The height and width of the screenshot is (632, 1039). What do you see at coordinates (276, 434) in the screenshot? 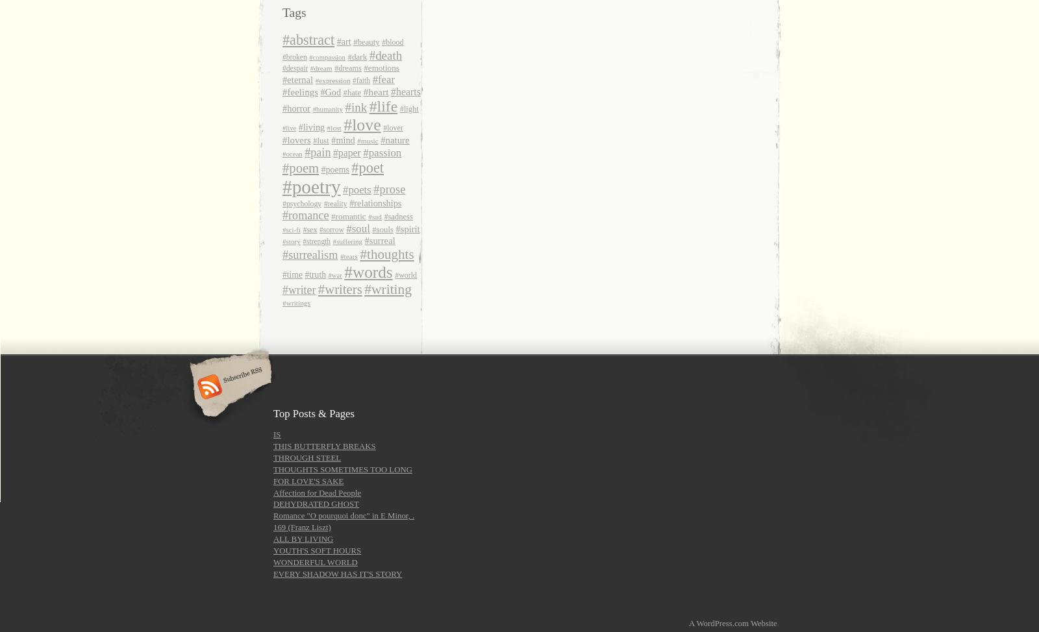
I see `'IS'` at bounding box center [276, 434].